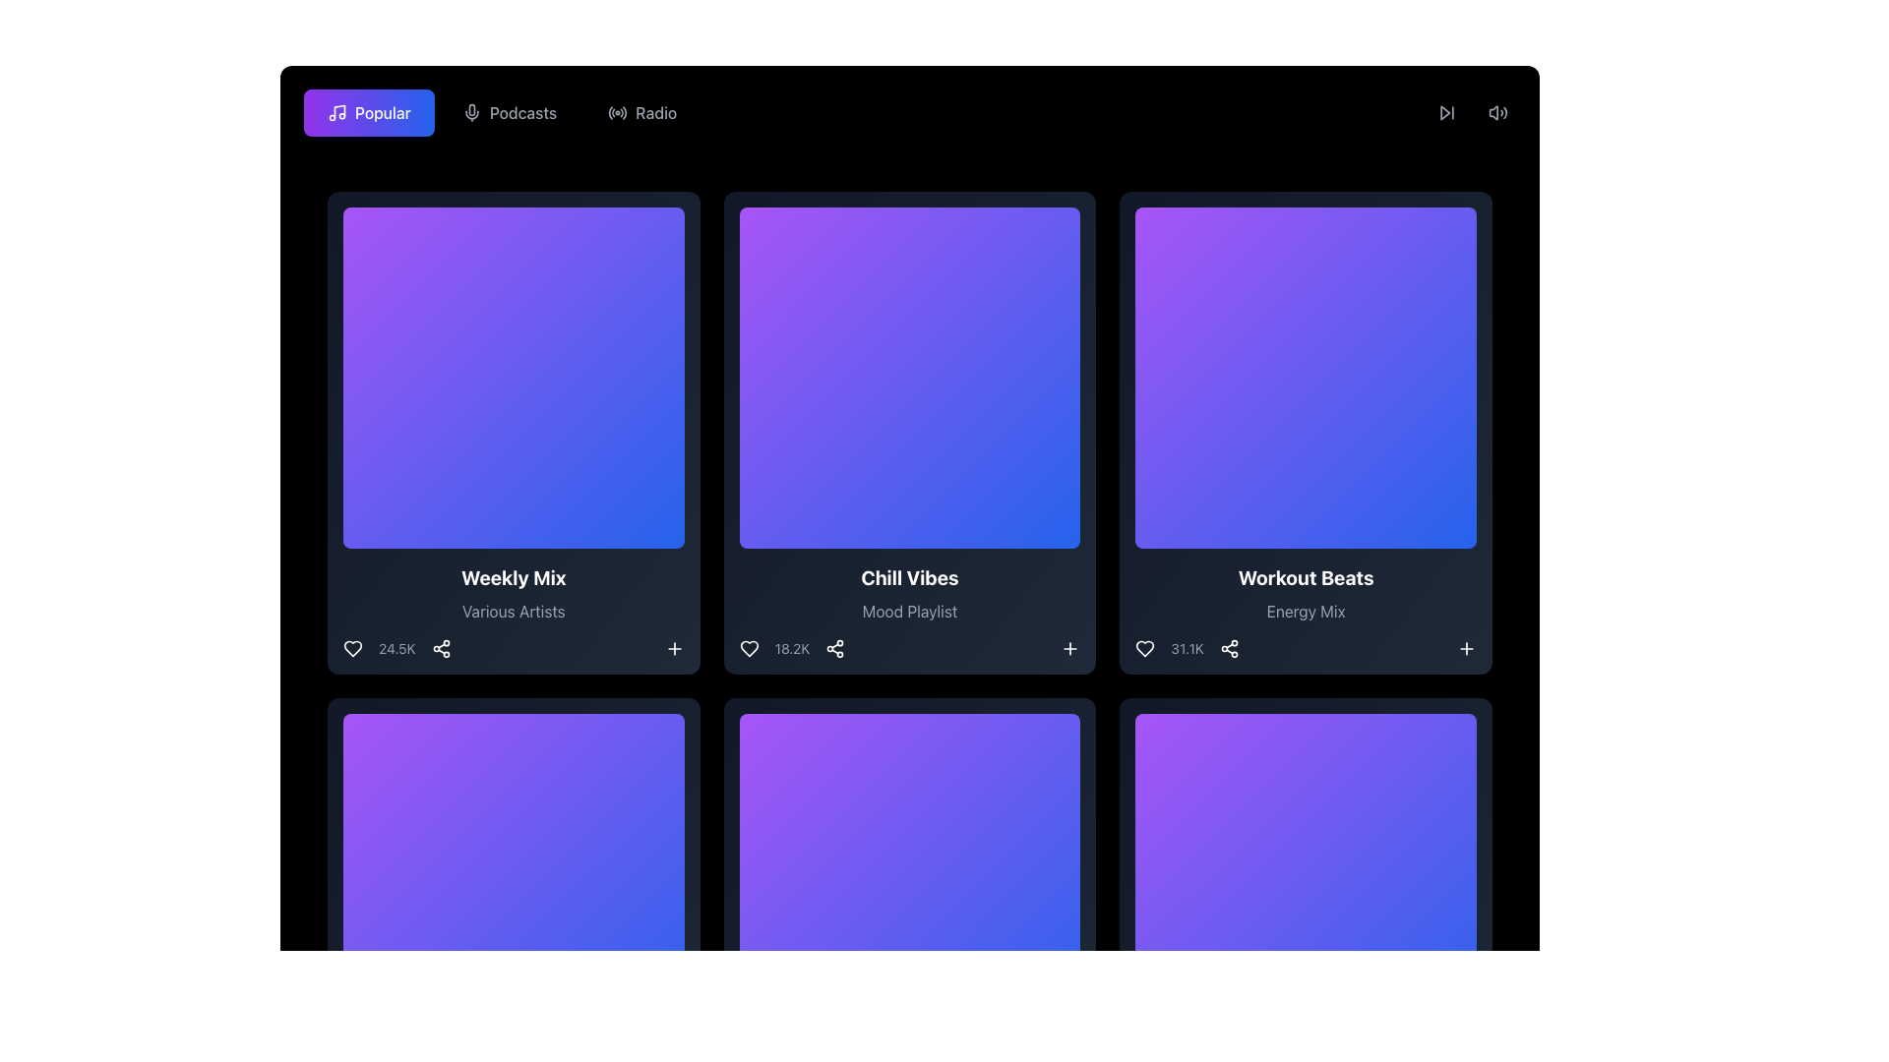 Image resolution: width=1889 pixels, height=1062 pixels. What do you see at coordinates (1496, 113) in the screenshot?
I see `the volume control icon located` at bounding box center [1496, 113].